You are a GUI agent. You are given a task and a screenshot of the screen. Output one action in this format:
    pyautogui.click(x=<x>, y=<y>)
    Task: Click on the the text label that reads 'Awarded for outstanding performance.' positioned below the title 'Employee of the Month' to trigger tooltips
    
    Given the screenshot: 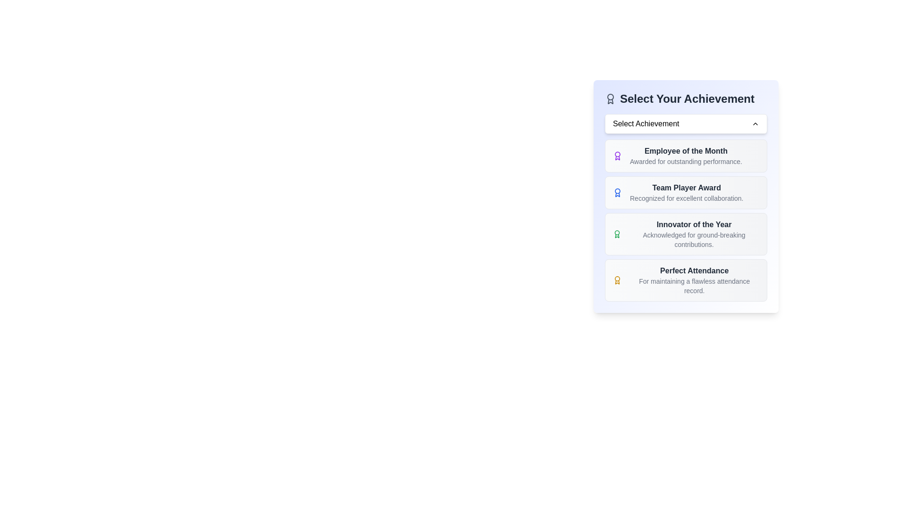 What is the action you would take?
    pyautogui.click(x=686, y=161)
    